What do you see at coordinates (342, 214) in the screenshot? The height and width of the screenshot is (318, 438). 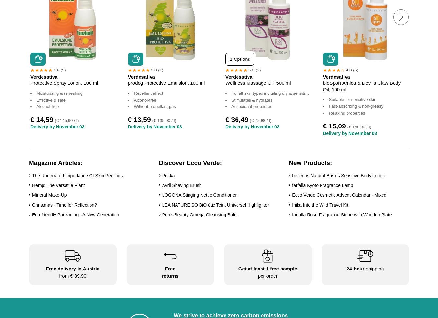 I see `'farfalla Rose Fragrance Stone with Wooden Plate'` at bounding box center [342, 214].